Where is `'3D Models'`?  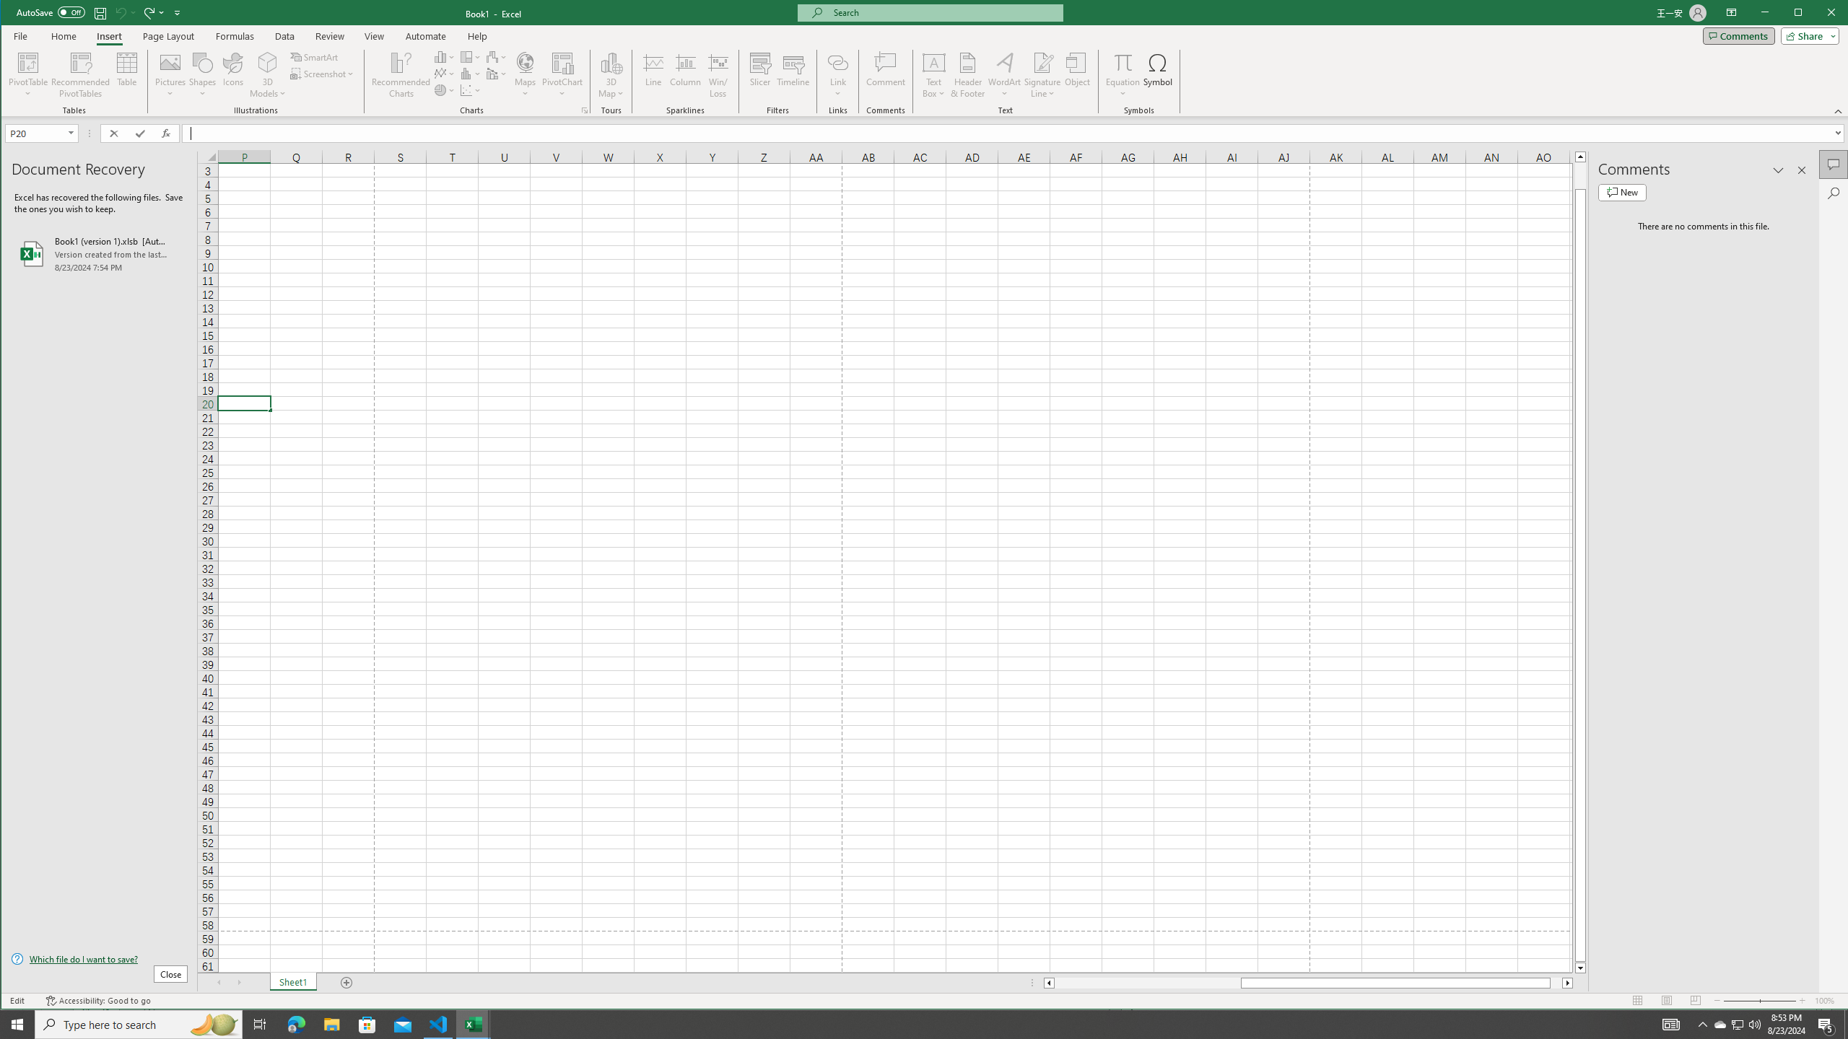
'3D Models' is located at coordinates (267, 61).